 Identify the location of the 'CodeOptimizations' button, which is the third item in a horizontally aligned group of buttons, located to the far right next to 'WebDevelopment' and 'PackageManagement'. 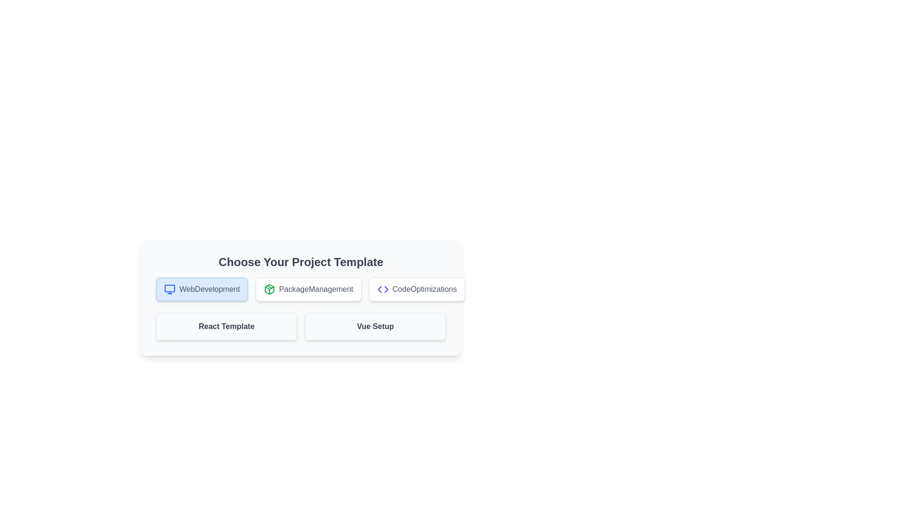
(416, 288).